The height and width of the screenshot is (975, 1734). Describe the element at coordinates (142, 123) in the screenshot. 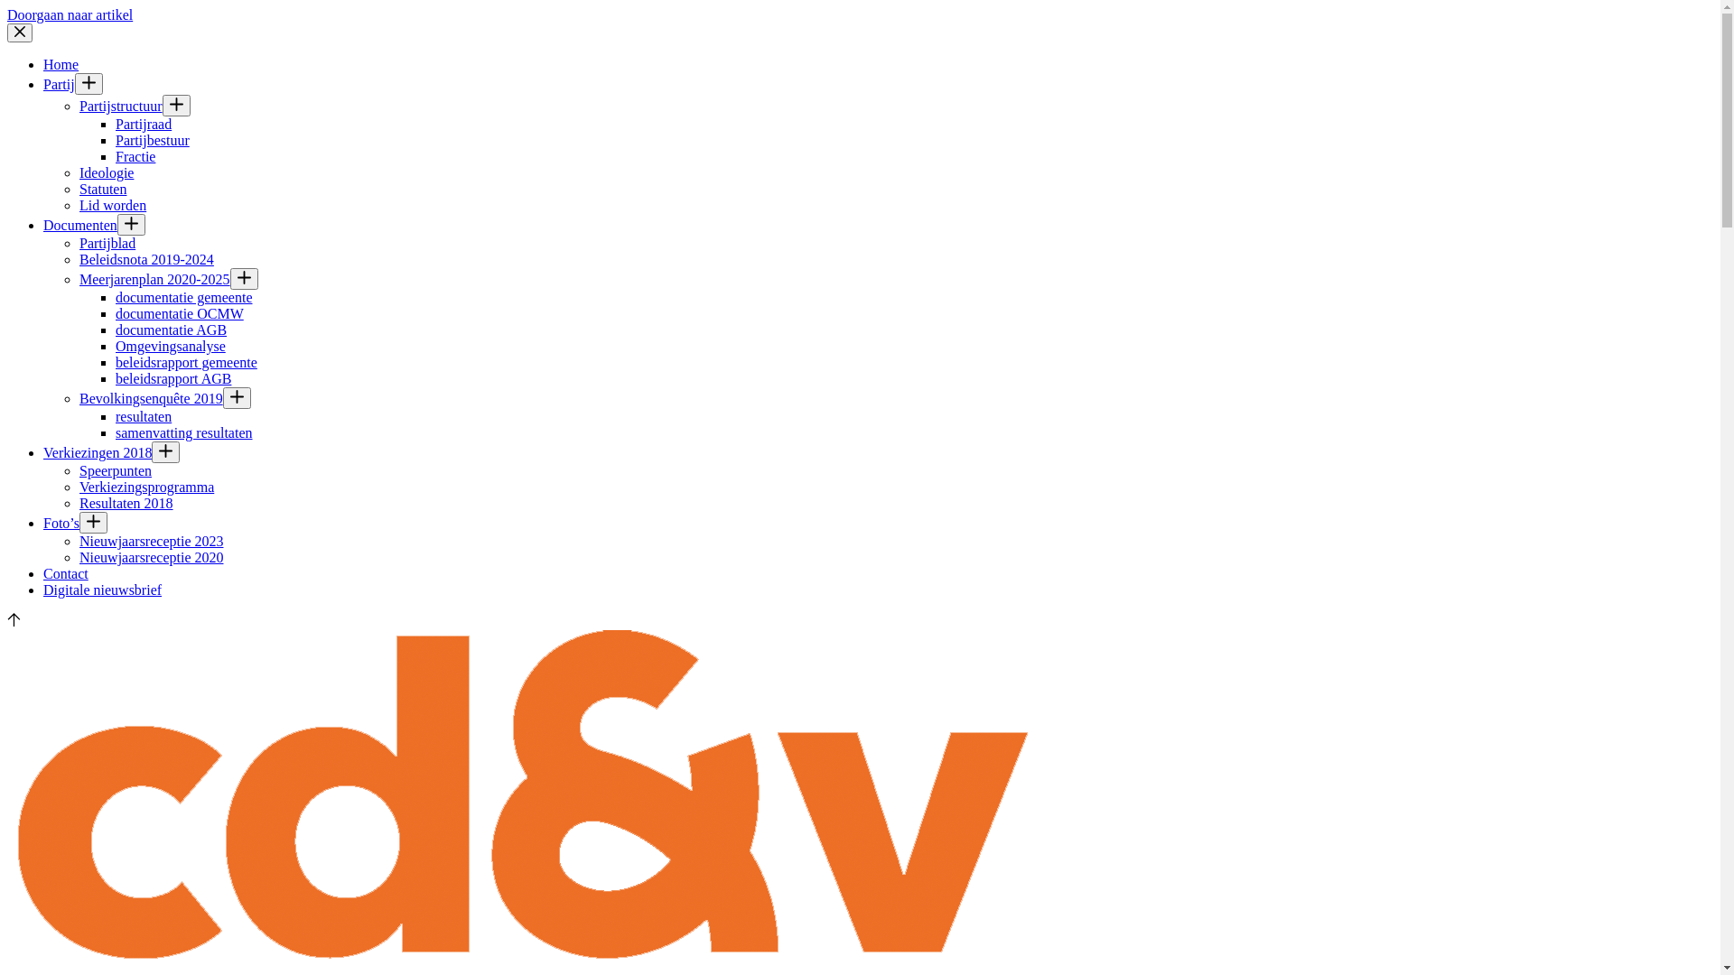

I see `'Partijraad'` at that location.